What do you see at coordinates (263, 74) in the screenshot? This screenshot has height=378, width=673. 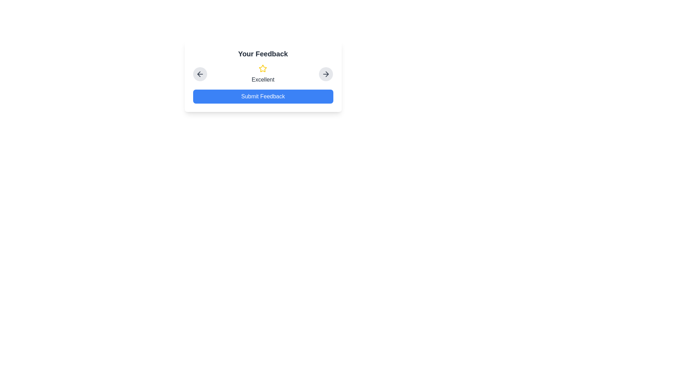 I see `the 'Excellent' label, which is styled in dark gray and positioned below a yellow star icon` at bounding box center [263, 74].